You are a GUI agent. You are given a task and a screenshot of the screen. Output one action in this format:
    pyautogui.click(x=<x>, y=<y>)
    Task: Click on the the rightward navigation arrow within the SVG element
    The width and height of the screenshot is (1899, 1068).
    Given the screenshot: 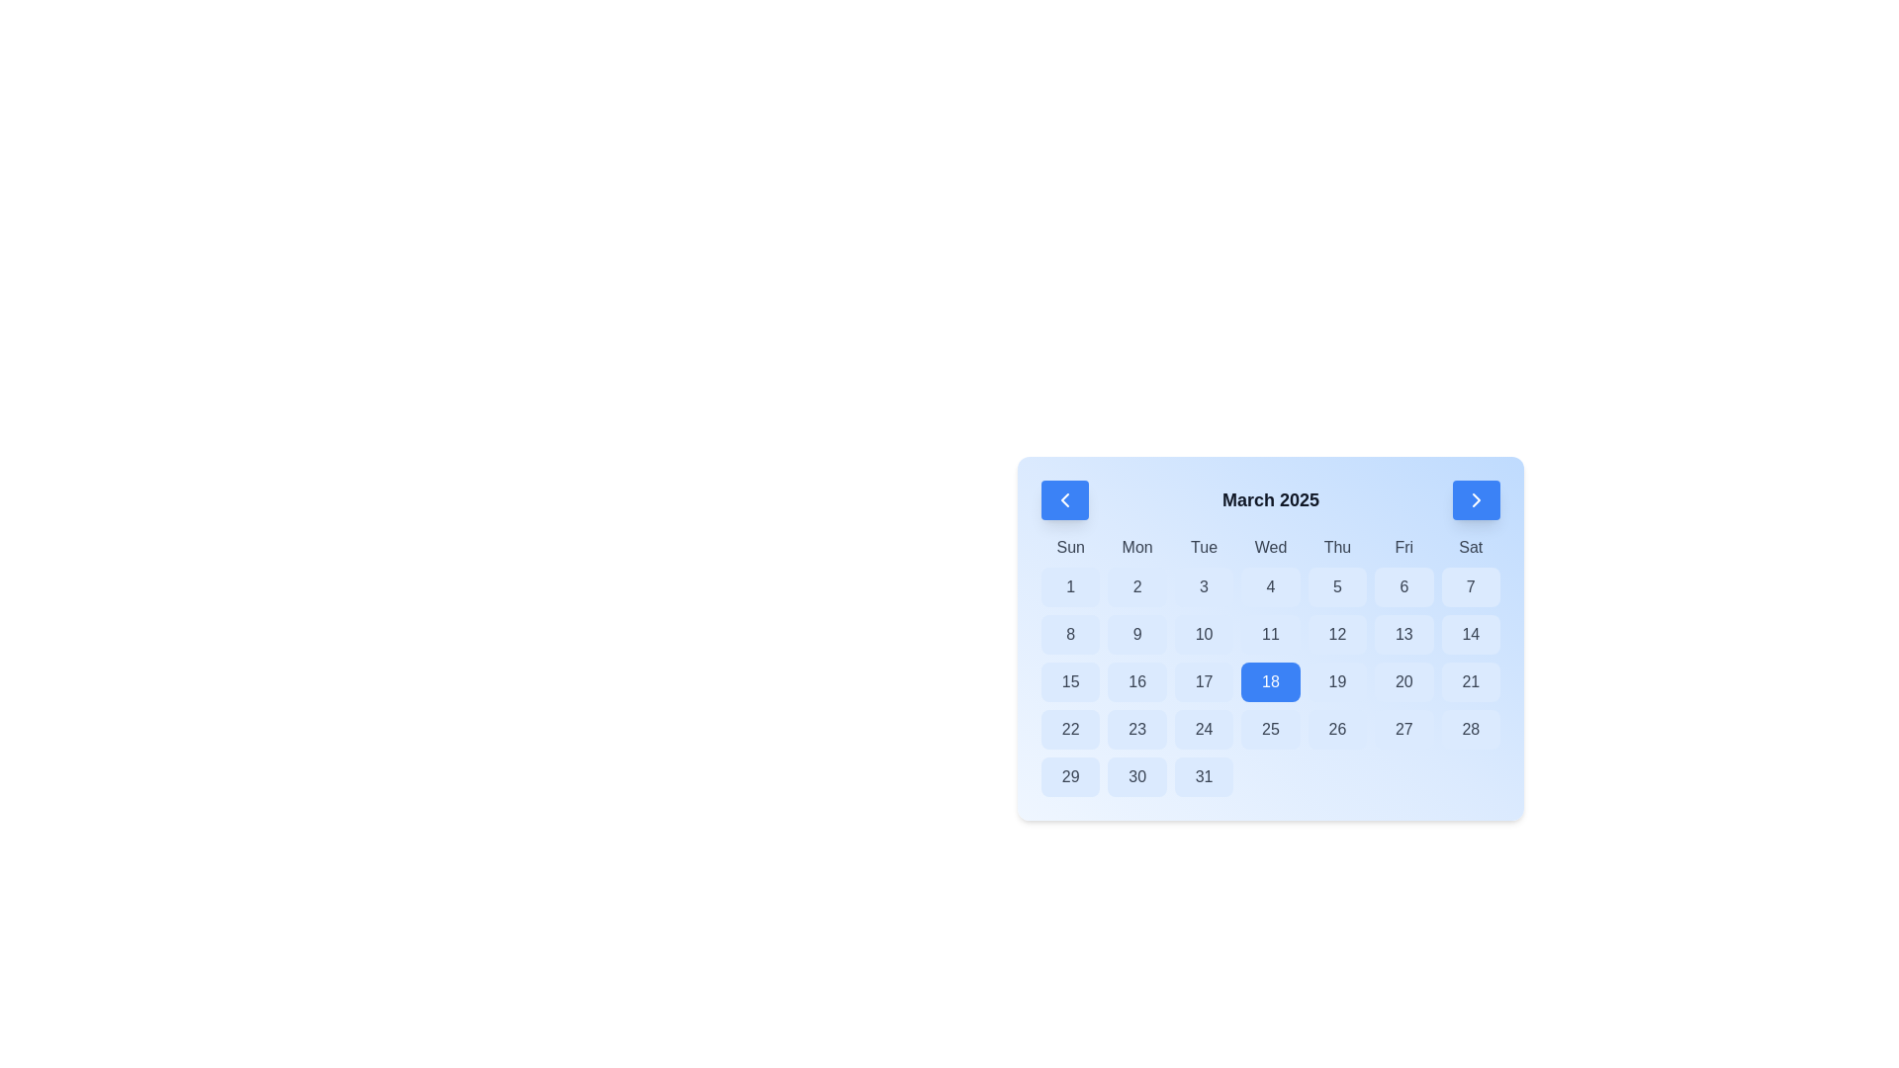 What is the action you would take?
    pyautogui.click(x=1476, y=498)
    